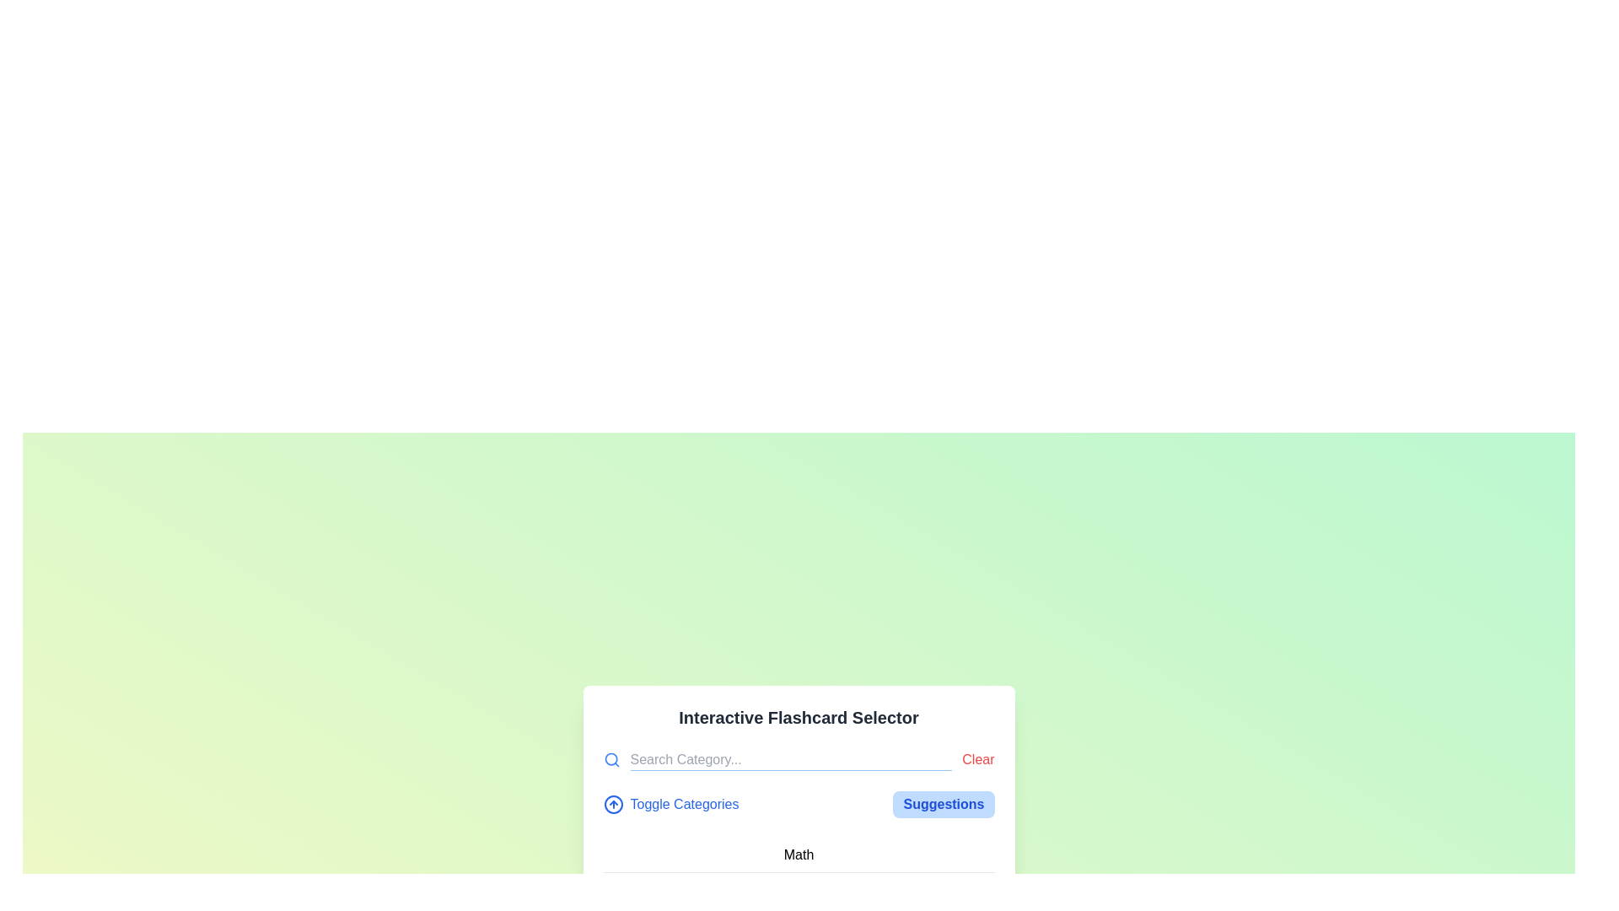 This screenshot has height=911, width=1619. I want to click on the blue magnifying glass icon located to the immediate left of the 'Search Category...' input box, so click(610, 760).